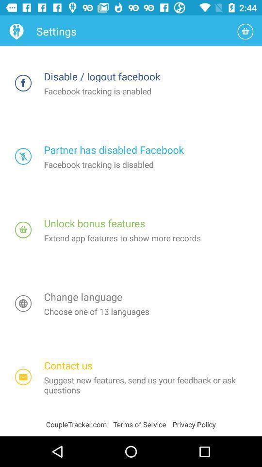  Describe the element at coordinates (79, 424) in the screenshot. I see `coupletracker.com icon` at that location.